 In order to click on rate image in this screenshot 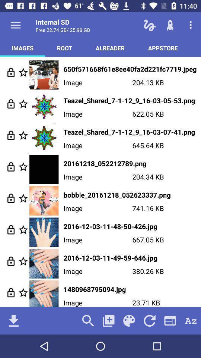, I will do `click(23, 167)`.